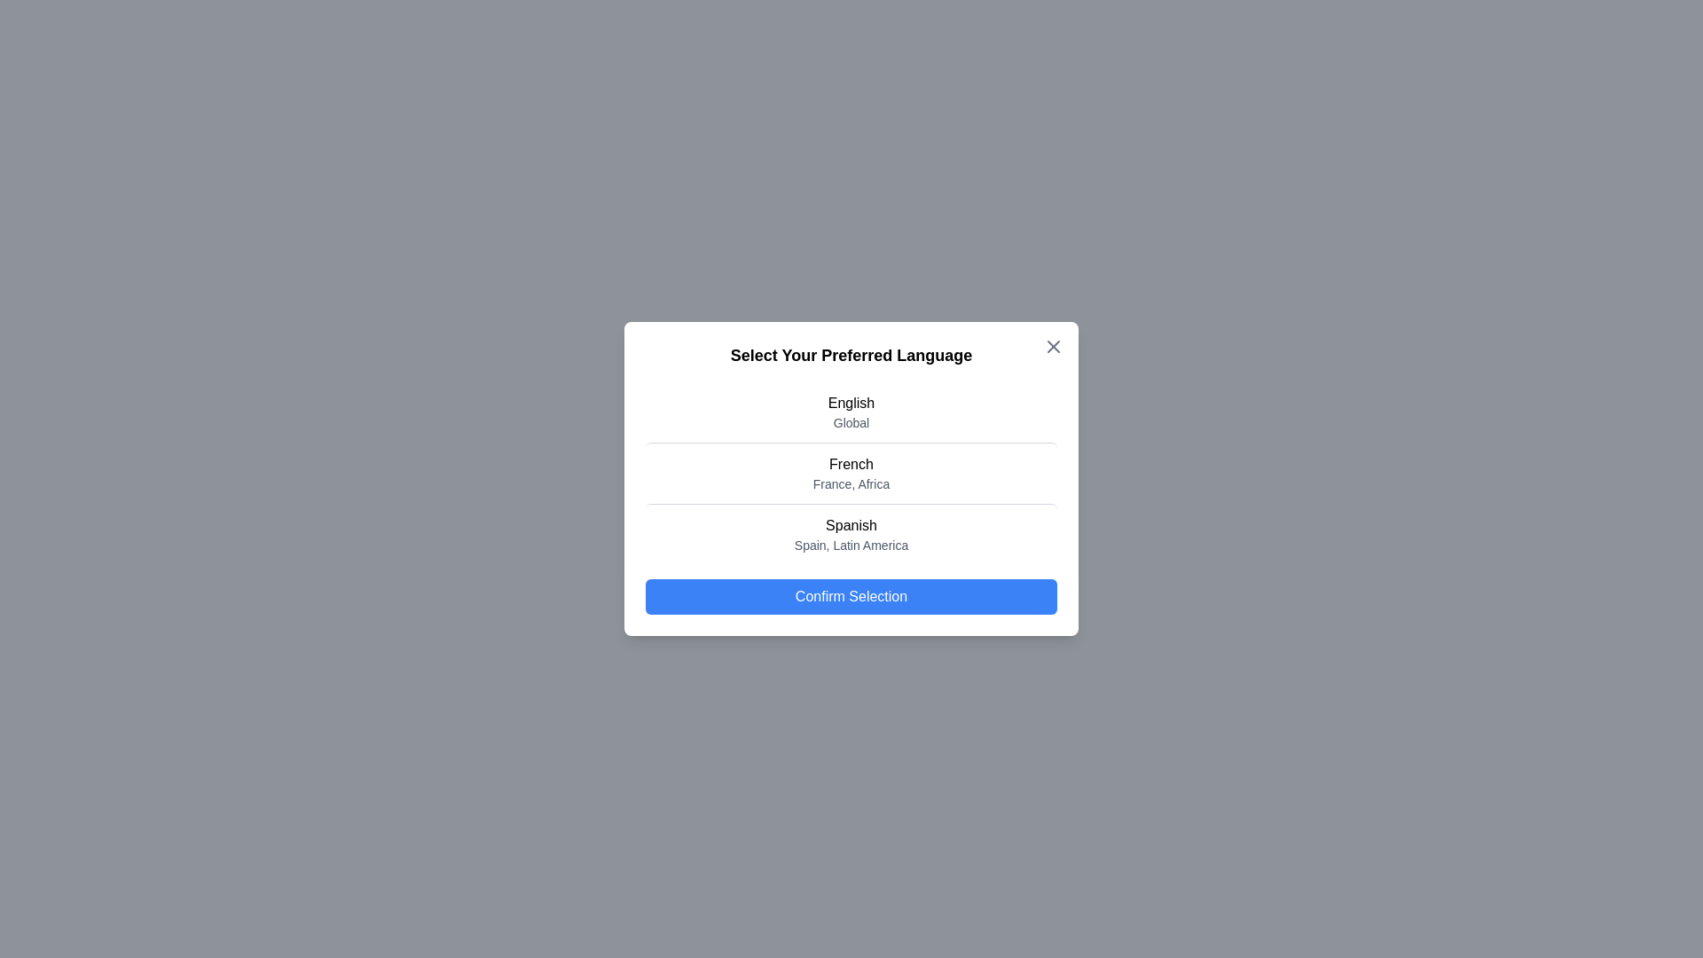  I want to click on the language French from the list, so click(851, 472).